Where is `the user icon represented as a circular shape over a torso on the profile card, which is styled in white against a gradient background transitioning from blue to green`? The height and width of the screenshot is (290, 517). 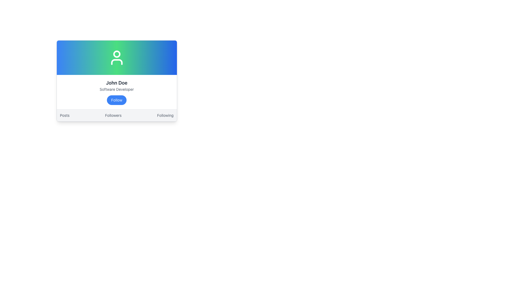
the user icon represented as a circular shape over a torso on the profile card, which is styled in white against a gradient background transitioning from blue to green is located at coordinates (116, 58).